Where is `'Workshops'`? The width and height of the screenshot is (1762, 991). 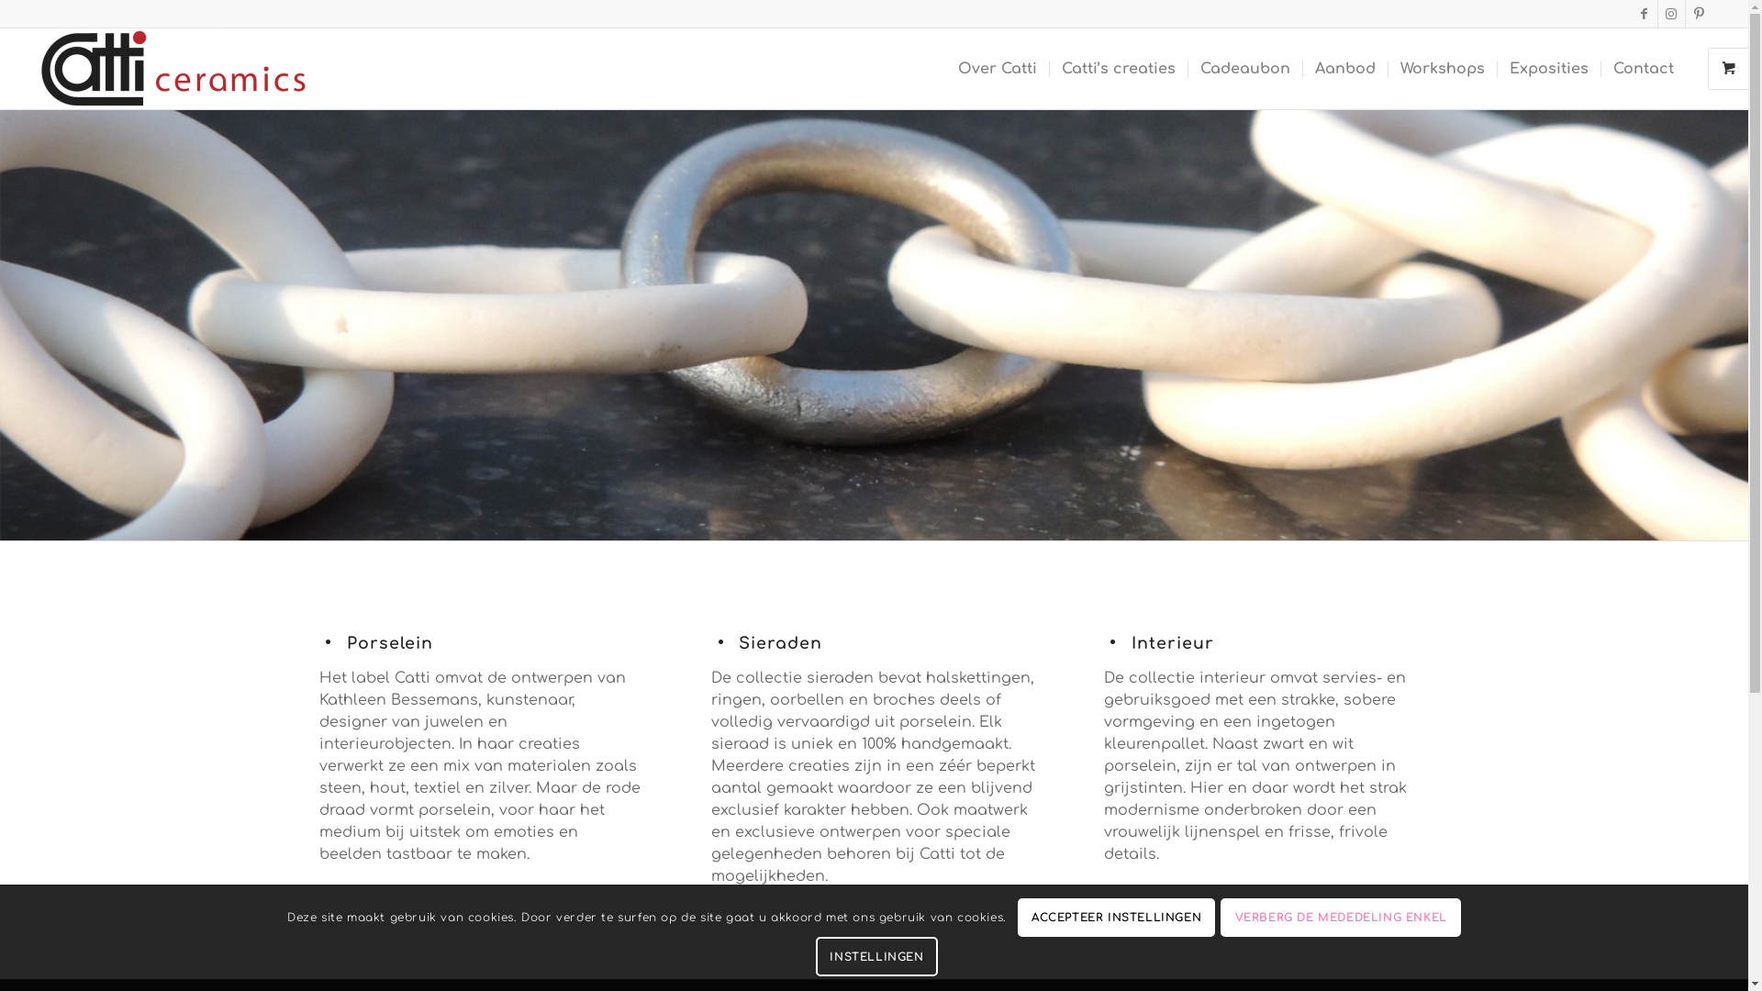
'Workshops' is located at coordinates (1441, 67).